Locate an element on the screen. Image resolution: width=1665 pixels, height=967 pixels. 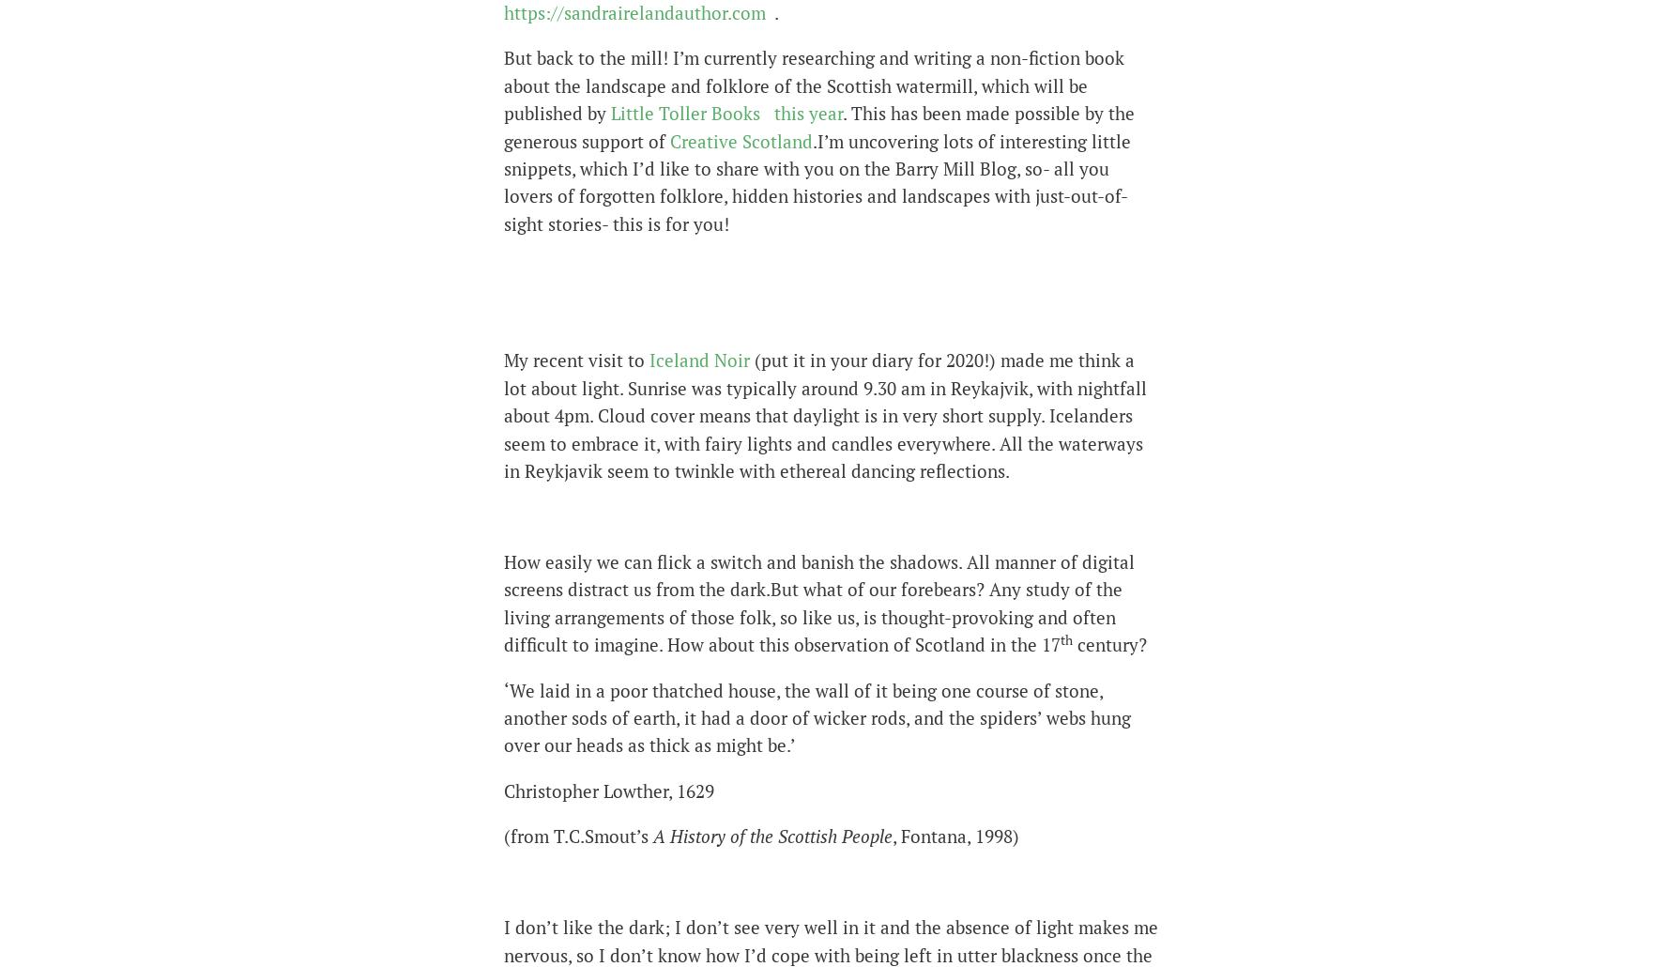
'https://sandrairelandauthor.com' is located at coordinates (634, 11).